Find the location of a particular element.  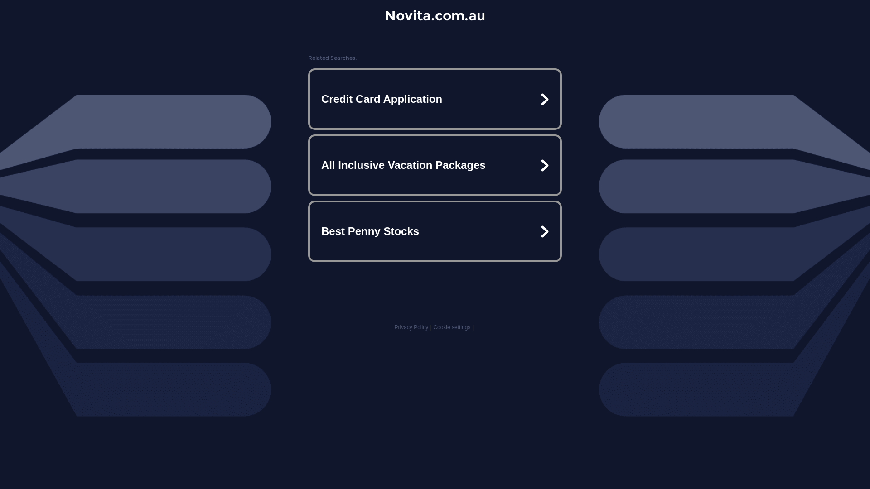

'Novita.com.au' is located at coordinates (385, 15).